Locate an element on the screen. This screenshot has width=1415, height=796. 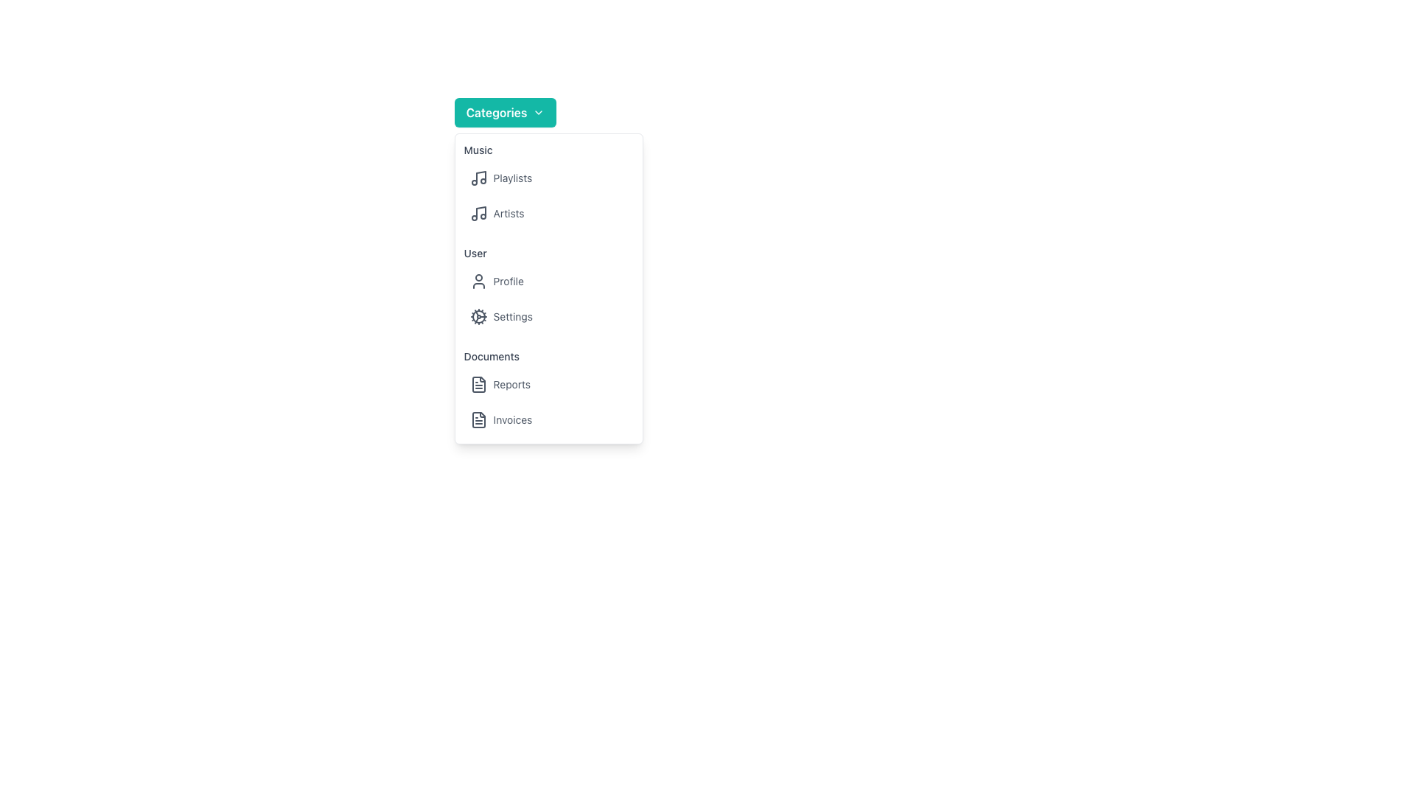
the 'Playlists' navigation label located in the dropdown menu under the 'Music' section is located at coordinates (513, 178).